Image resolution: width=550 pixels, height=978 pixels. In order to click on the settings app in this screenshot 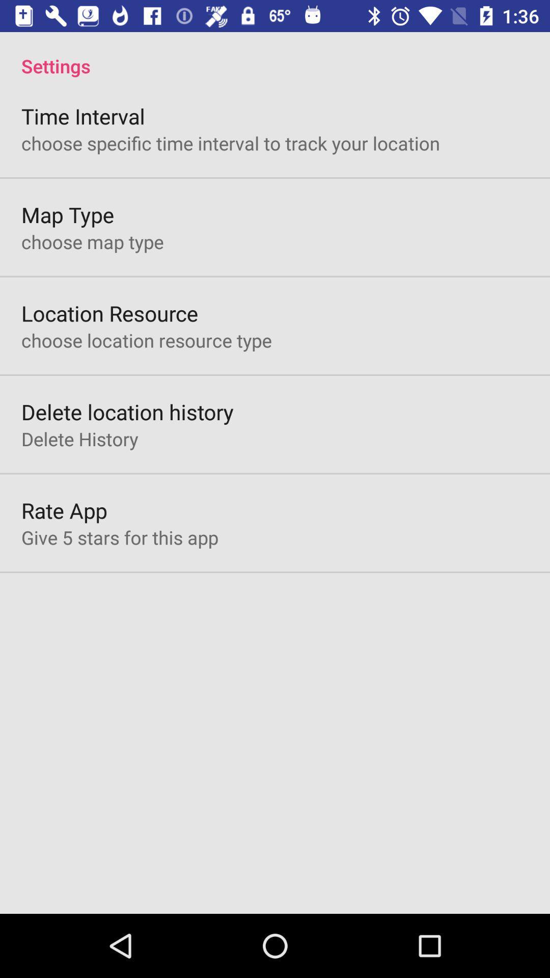, I will do `click(275, 55)`.